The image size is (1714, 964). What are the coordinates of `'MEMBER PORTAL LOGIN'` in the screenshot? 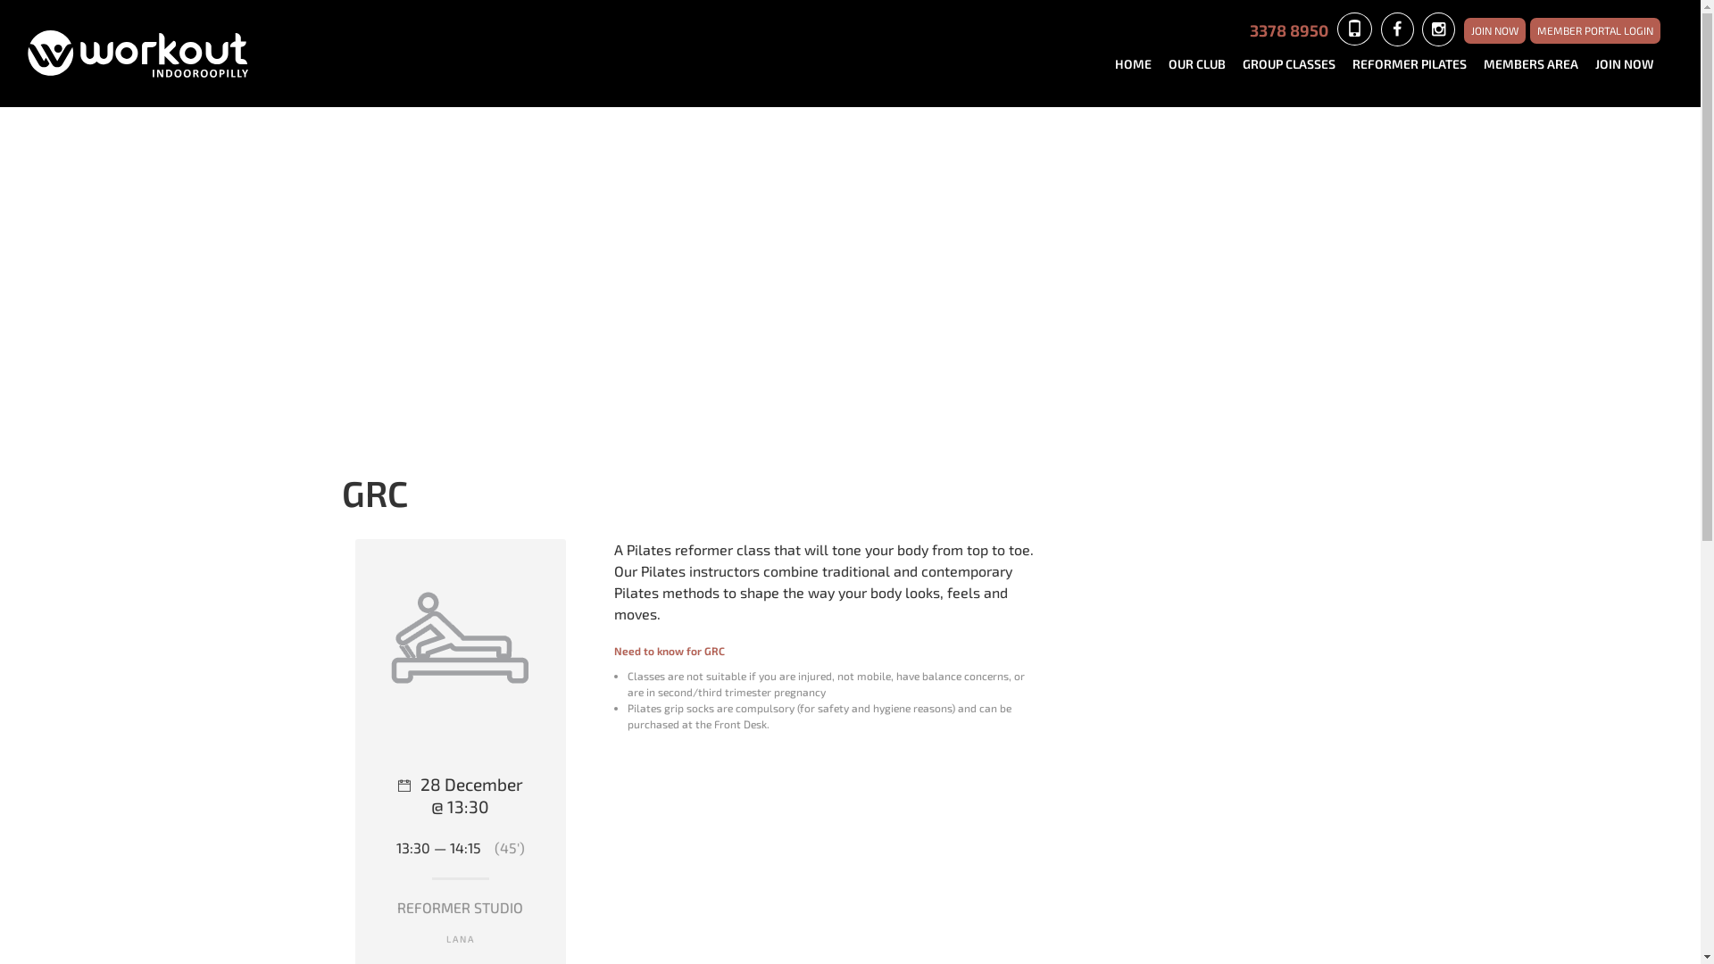 It's located at (1594, 30).